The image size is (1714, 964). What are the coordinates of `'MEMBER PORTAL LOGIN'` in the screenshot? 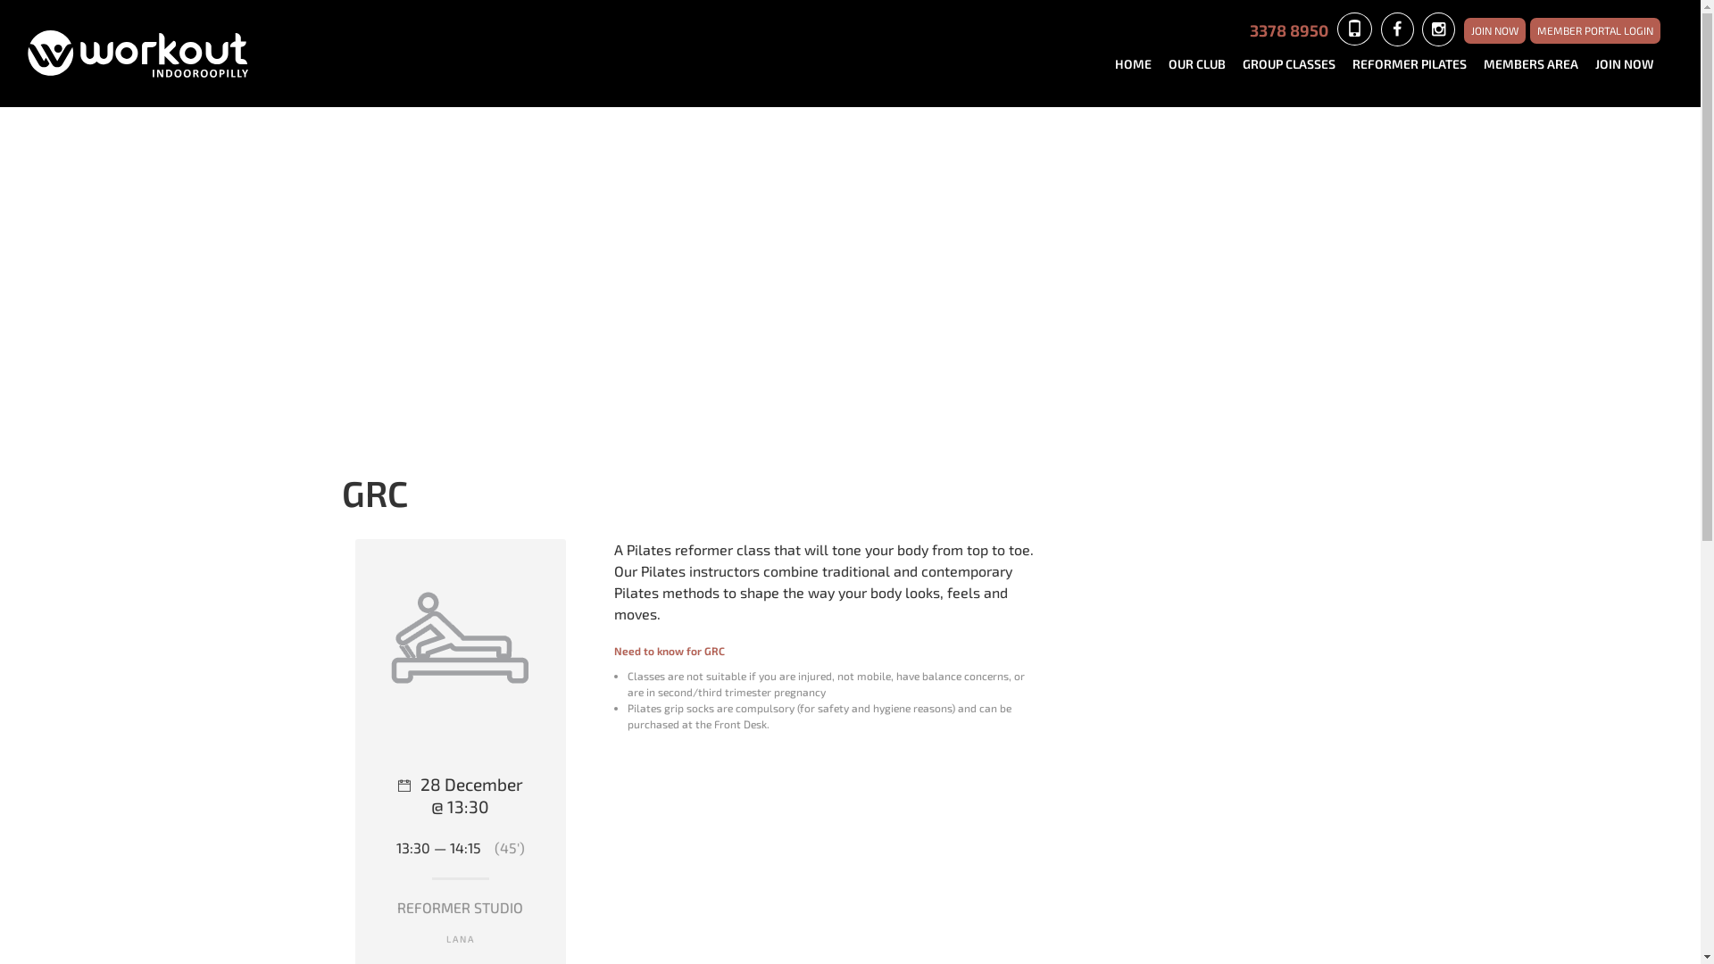 It's located at (1594, 30).